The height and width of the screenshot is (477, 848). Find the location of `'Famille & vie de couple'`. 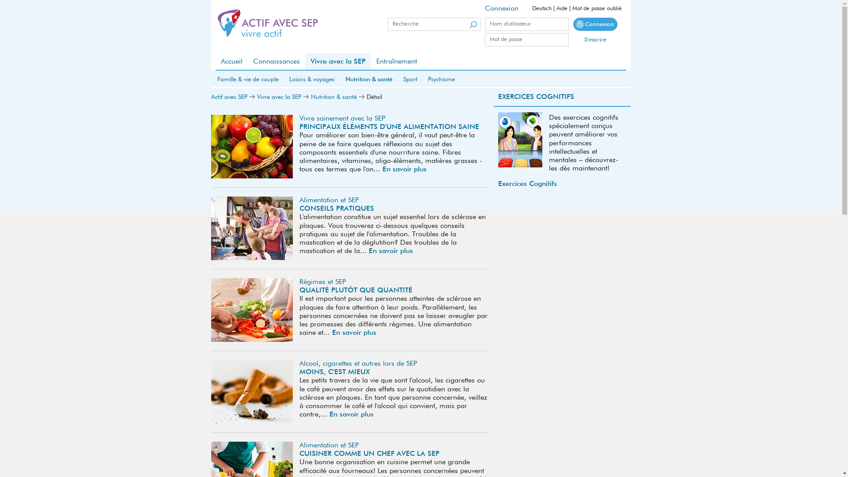

'Famille & vie de couple' is located at coordinates (247, 79).